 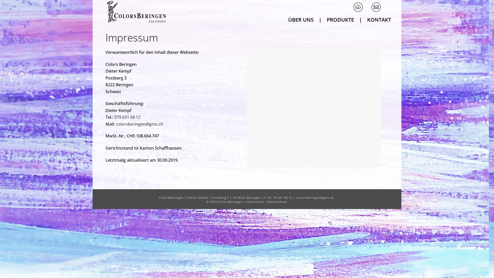 I want to click on 'Datenschutz', so click(x=277, y=201).